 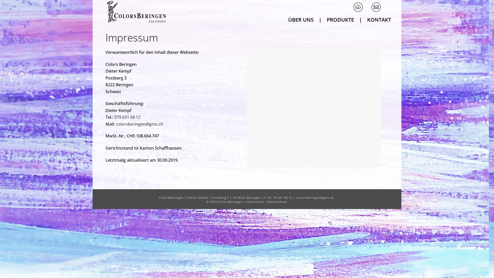 I want to click on 'Datenschutz', so click(x=277, y=201).